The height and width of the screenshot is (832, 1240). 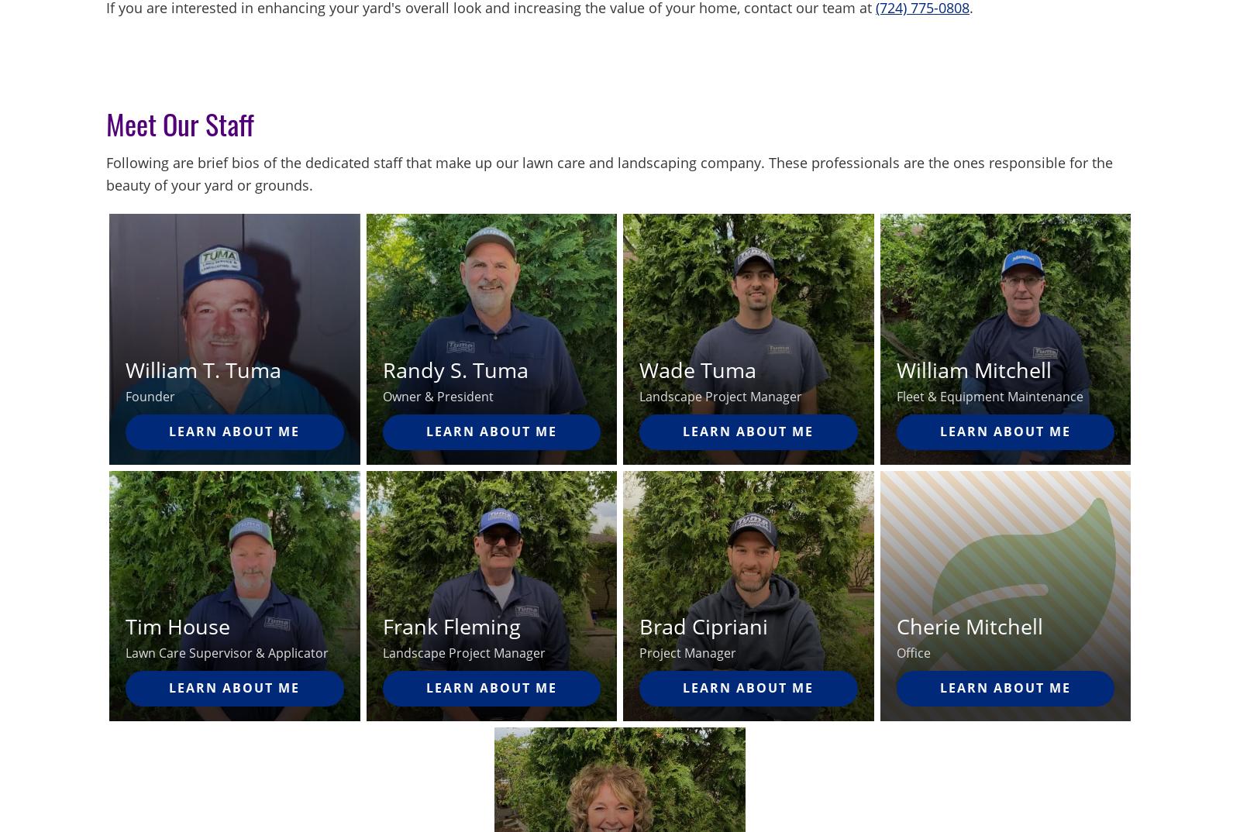 I want to click on 'Following are brief bios of the dedicated staff that make up our lawn care and landscaping company. These professionals are the ones responsible for the beauty of your yard or grounds.', so click(x=609, y=173).